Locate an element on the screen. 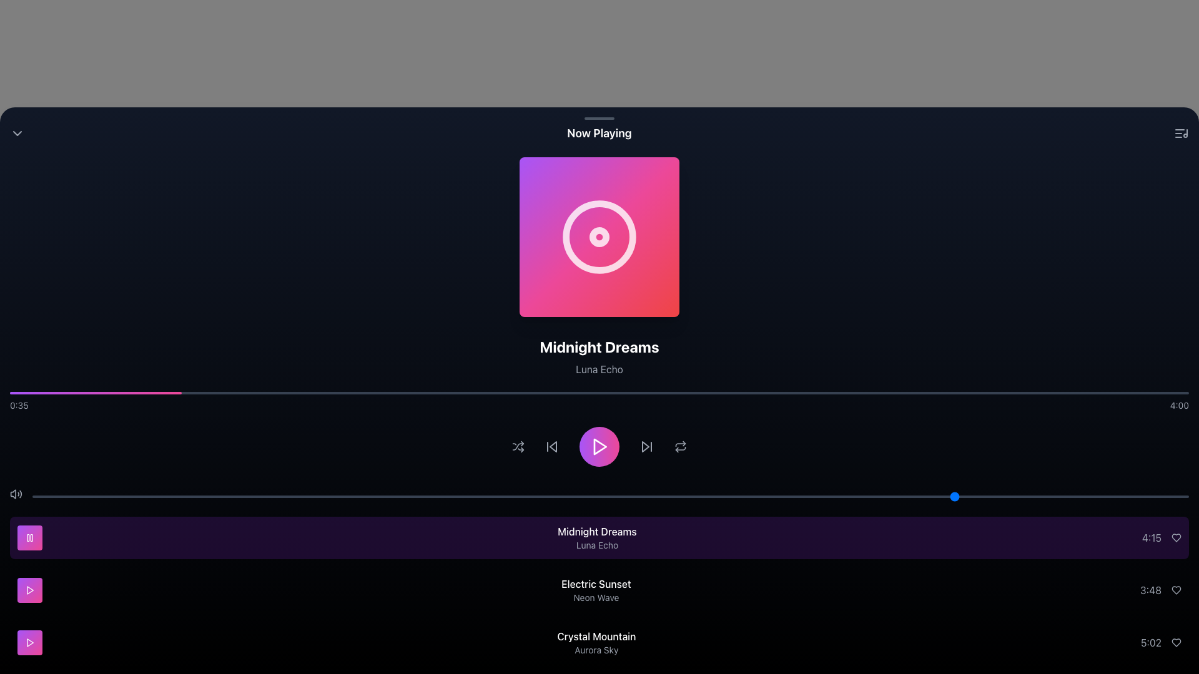 The height and width of the screenshot is (674, 1199). text from the label displaying 'Crystal Mountain' and 'Aurora Sky', which is located in the third row of the musical tracks list, between 'Electric Sunset' and the duration '5:02' is located at coordinates (596, 642).